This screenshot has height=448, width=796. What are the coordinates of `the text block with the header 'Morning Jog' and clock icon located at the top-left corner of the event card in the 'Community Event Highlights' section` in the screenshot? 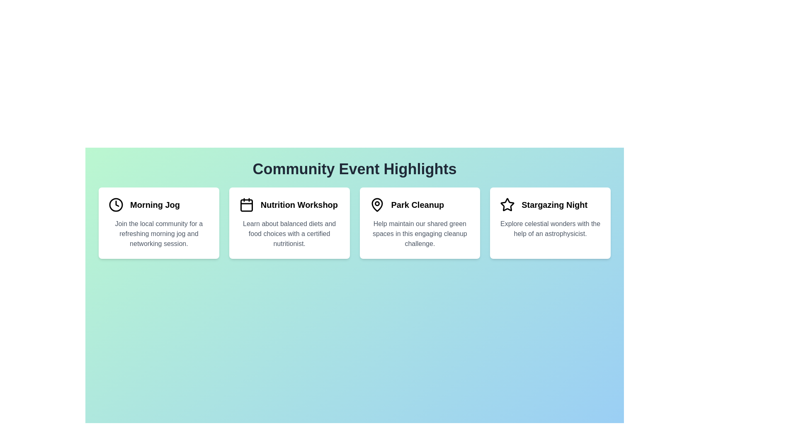 It's located at (159, 205).